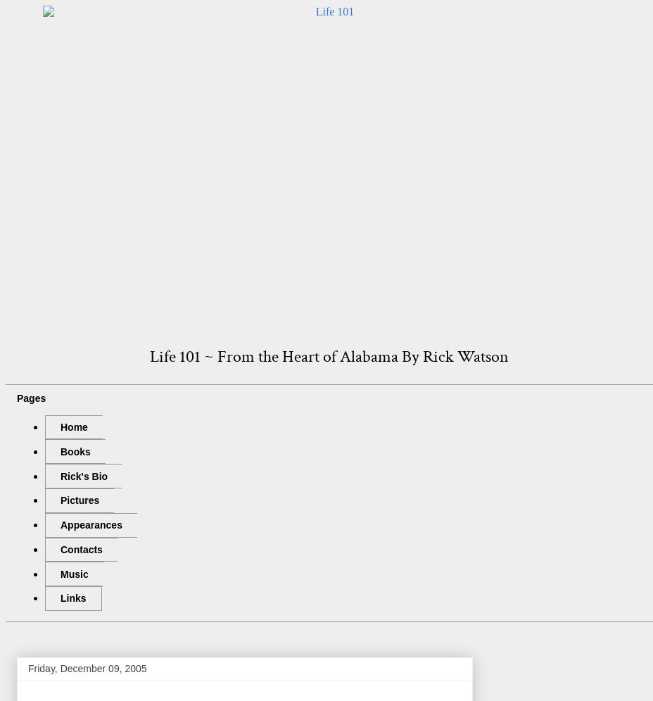 The height and width of the screenshot is (701, 653). Describe the element at coordinates (84, 475) in the screenshot. I see `'Rick's Bio'` at that location.